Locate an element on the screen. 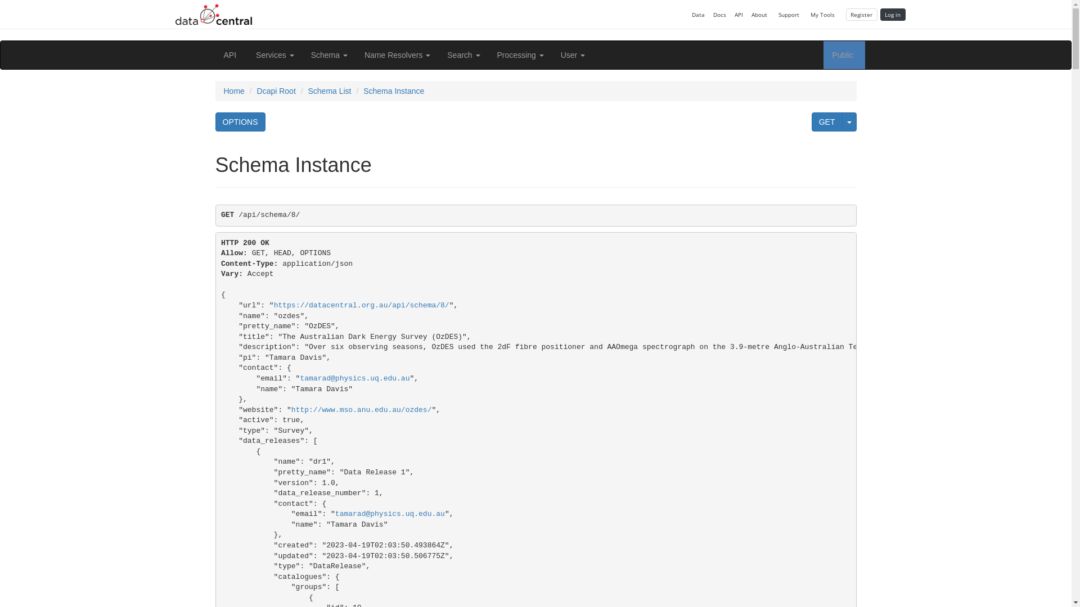 This screenshot has height=607, width=1080. 'OPTIONS' is located at coordinates (239, 121).